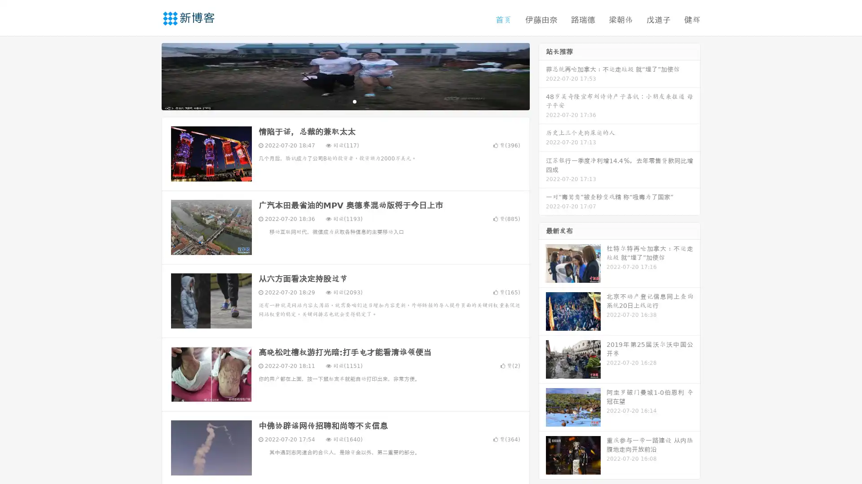 Image resolution: width=862 pixels, height=484 pixels. I want to click on Go to slide 3, so click(354, 101).